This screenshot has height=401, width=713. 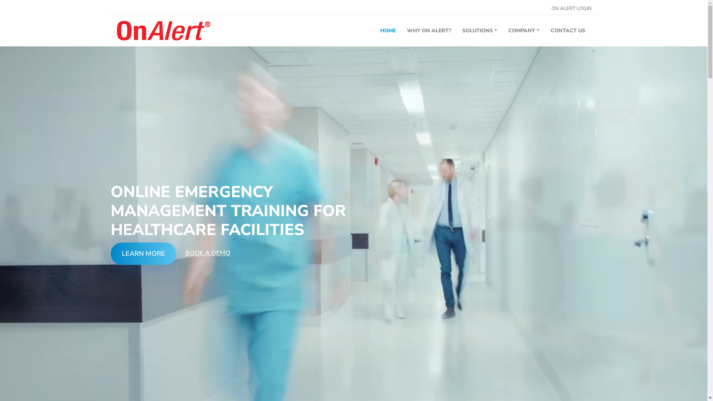 I want to click on 'ON ALERT LOGIN', so click(x=551, y=9).